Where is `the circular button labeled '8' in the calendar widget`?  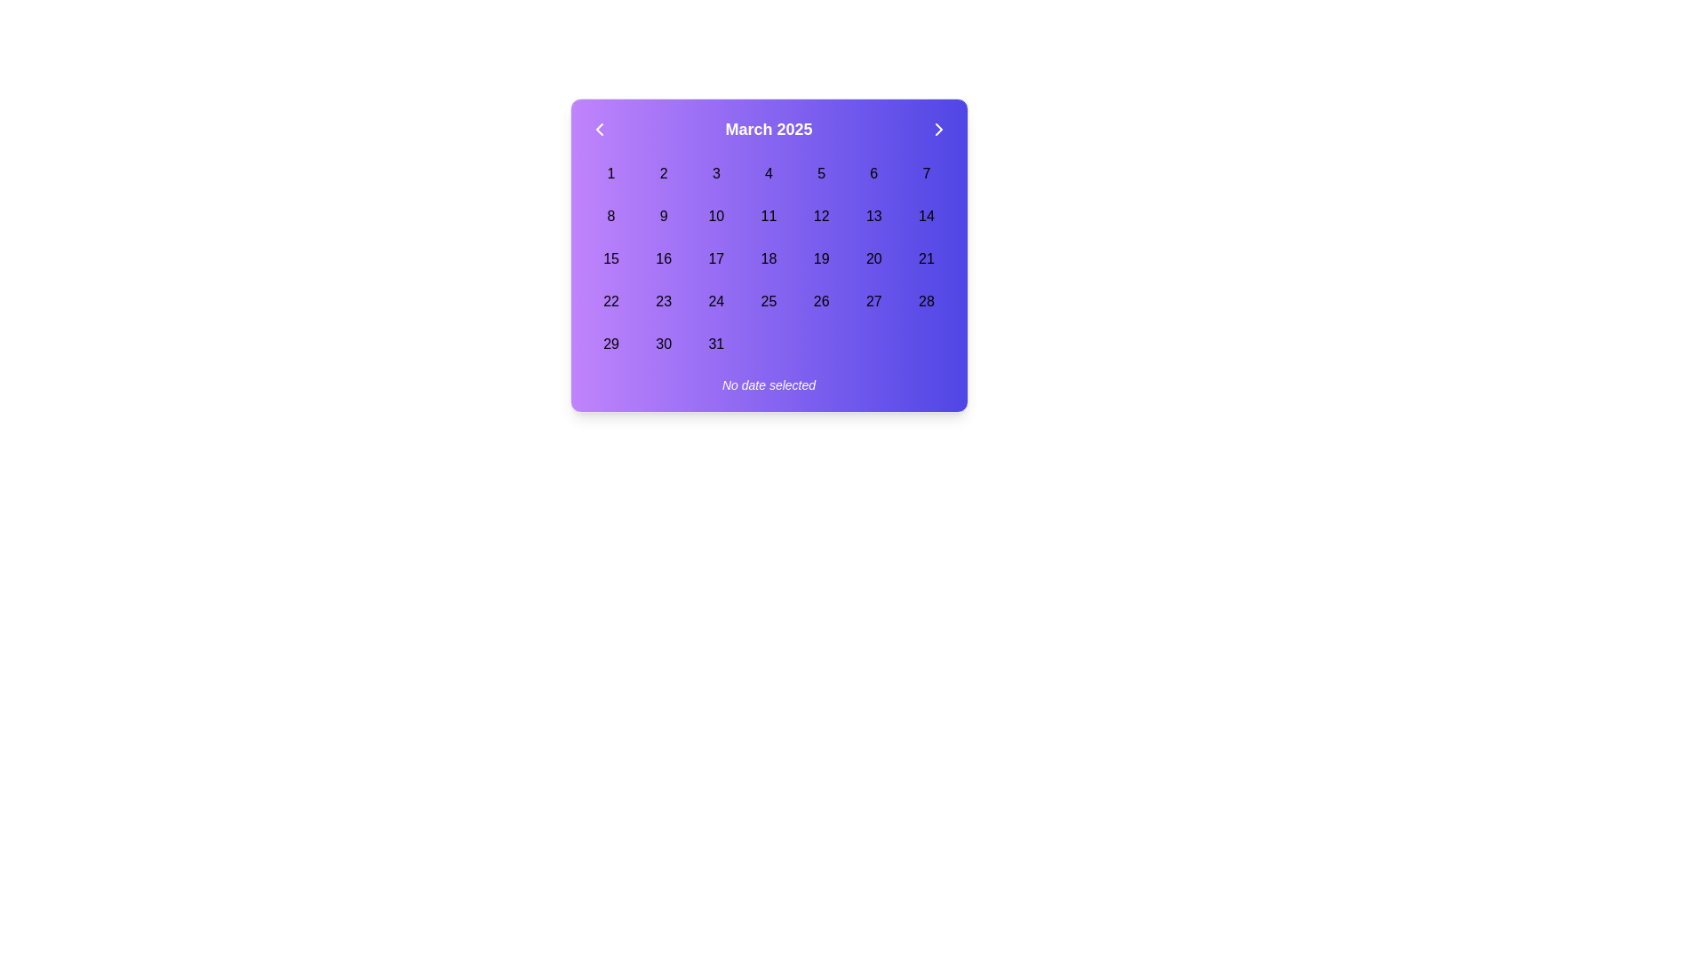
the circular button labeled '8' in the calendar widget is located at coordinates (610, 215).